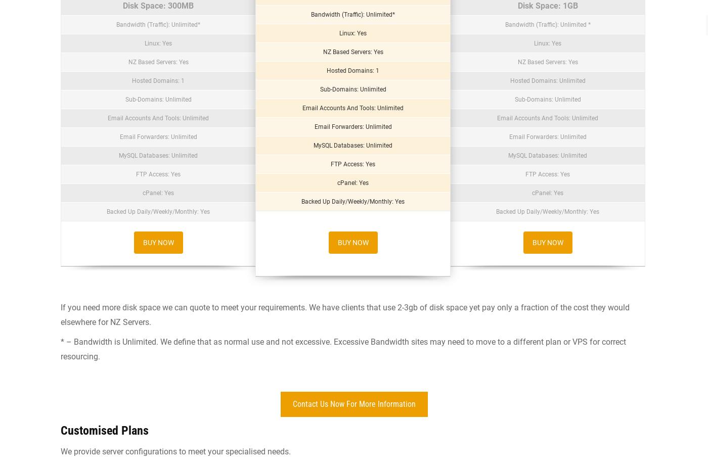 The width and height of the screenshot is (708, 465). What do you see at coordinates (547, 25) in the screenshot?
I see `'Bandwidth (Traffic): Unlimited *'` at bounding box center [547, 25].